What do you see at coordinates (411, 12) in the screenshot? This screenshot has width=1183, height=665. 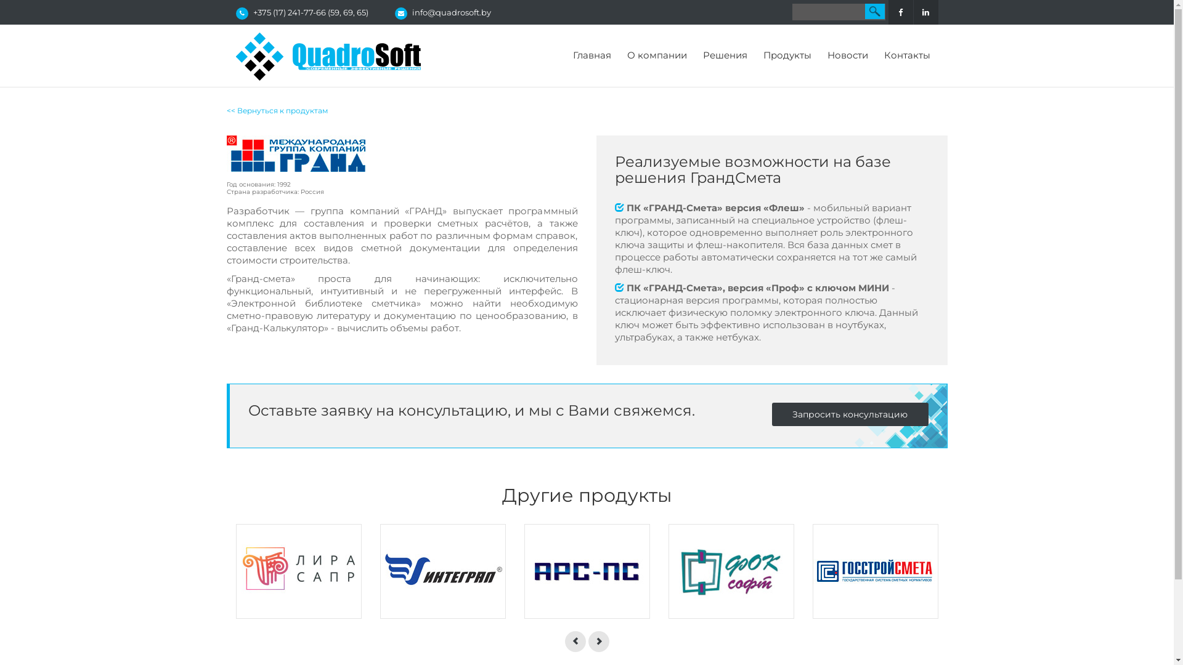 I see `'info@quadrosoft.by'` at bounding box center [411, 12].